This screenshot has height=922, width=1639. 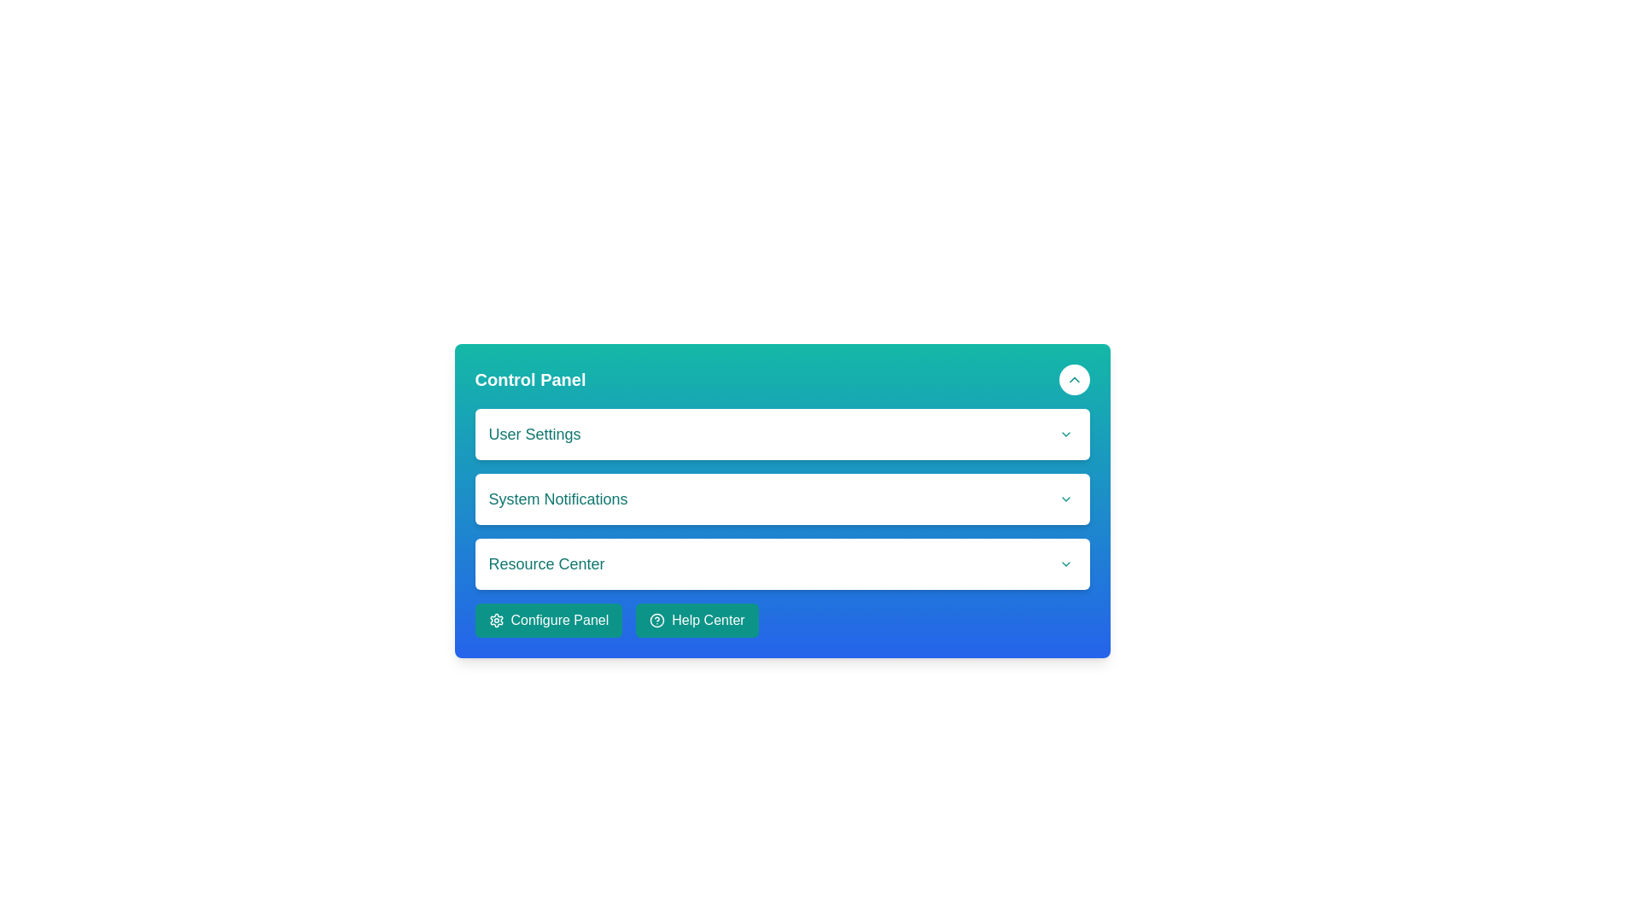 What do you see at coordinates (534, 434) in the screenshot?
I see `the 'User Settings' text label, which is displayed in teal-green color and is the first item in the options list of the 'Control Panel' UI component` at bounding box center [534, 434].